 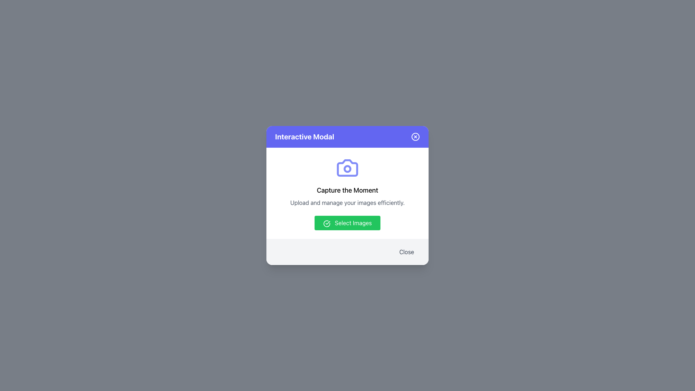 I want to click on the 'Capture the Moment' section of the modal, which includes a camera icon, a heading, supporting text, and a 'Select Images' button, so click(x=347, y=193).